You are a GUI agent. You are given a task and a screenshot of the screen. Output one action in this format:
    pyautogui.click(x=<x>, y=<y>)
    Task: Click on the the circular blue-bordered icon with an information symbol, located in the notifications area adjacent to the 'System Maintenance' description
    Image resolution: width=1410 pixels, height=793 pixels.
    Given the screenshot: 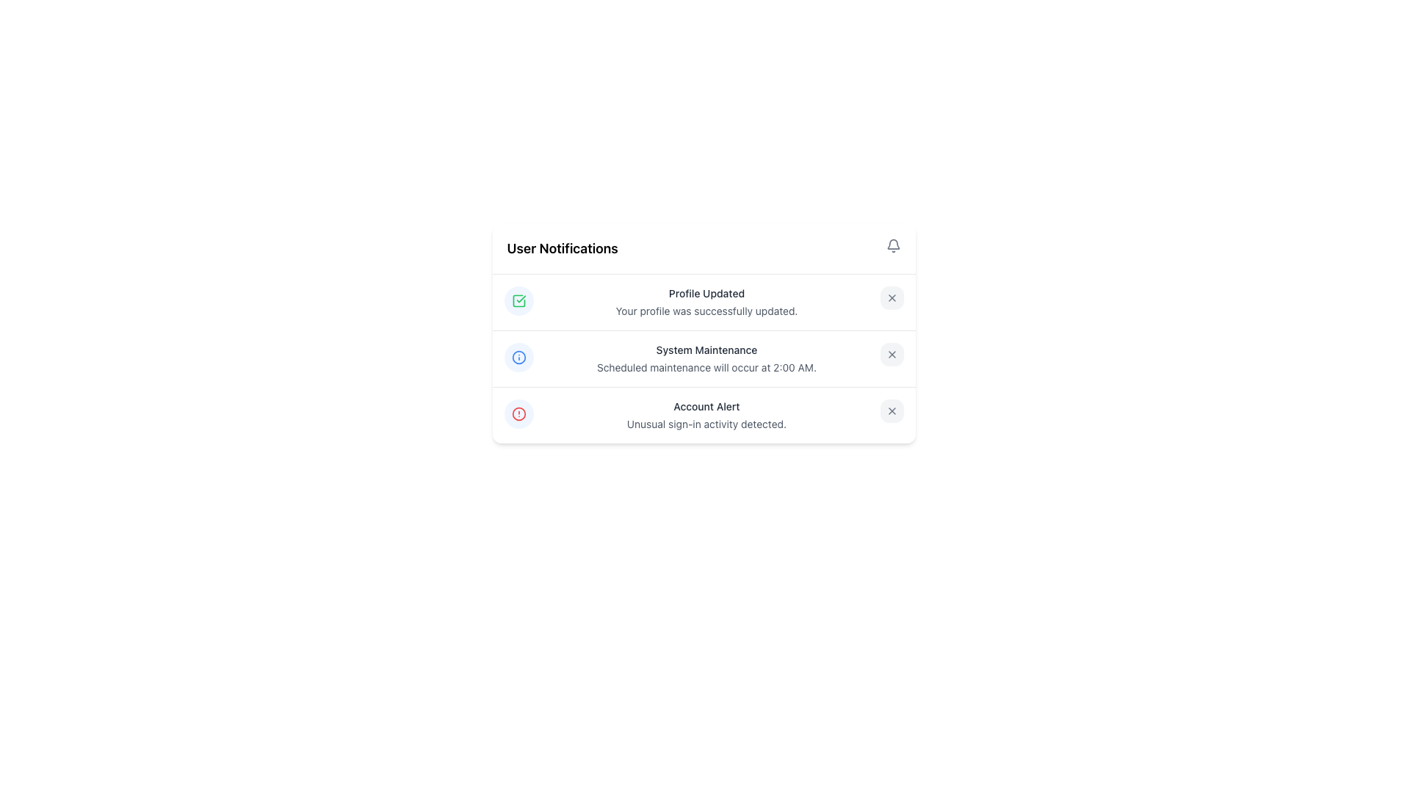 What is the action you would take?
    pyautogui.click(x=518, y=357)
    